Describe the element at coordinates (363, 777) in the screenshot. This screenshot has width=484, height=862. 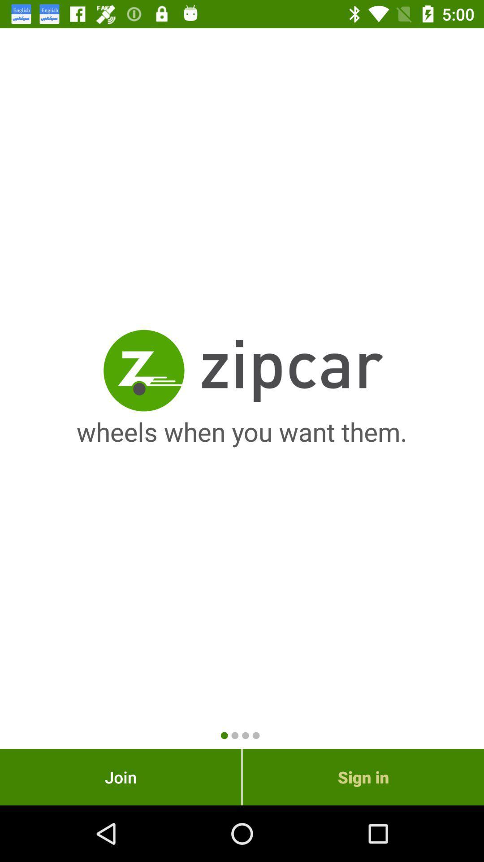
I see `item to the right of join icon` at that location.